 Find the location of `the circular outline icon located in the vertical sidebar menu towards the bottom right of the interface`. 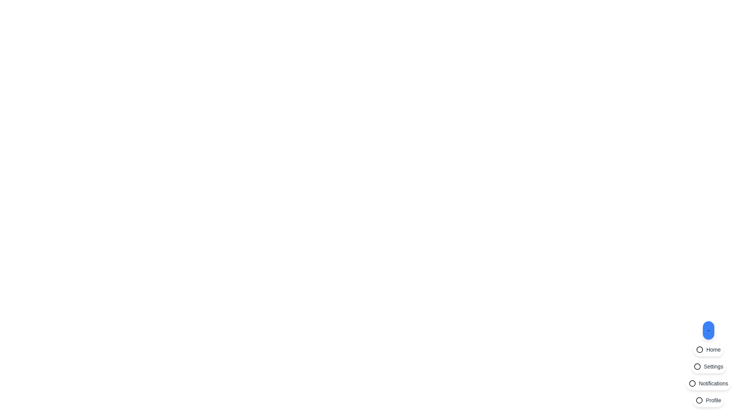

the circular outline icon located in the vertical sidebar menu towards the bottom right of the interface is located at coordinates (697, 366).